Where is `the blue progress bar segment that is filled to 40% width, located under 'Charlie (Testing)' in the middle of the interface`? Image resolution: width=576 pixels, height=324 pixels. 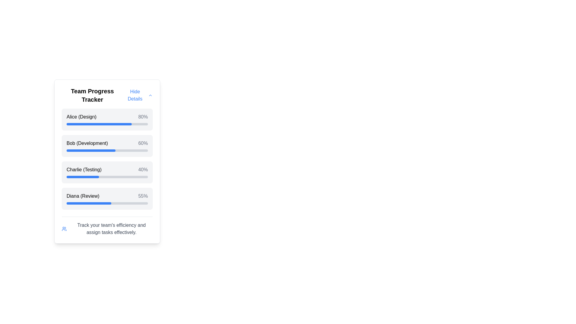
the blue progress bar segment that is filled to 40% width, located under 'Charlie (Testing)' in the middle of the interface is located at coordinates (82, 177).